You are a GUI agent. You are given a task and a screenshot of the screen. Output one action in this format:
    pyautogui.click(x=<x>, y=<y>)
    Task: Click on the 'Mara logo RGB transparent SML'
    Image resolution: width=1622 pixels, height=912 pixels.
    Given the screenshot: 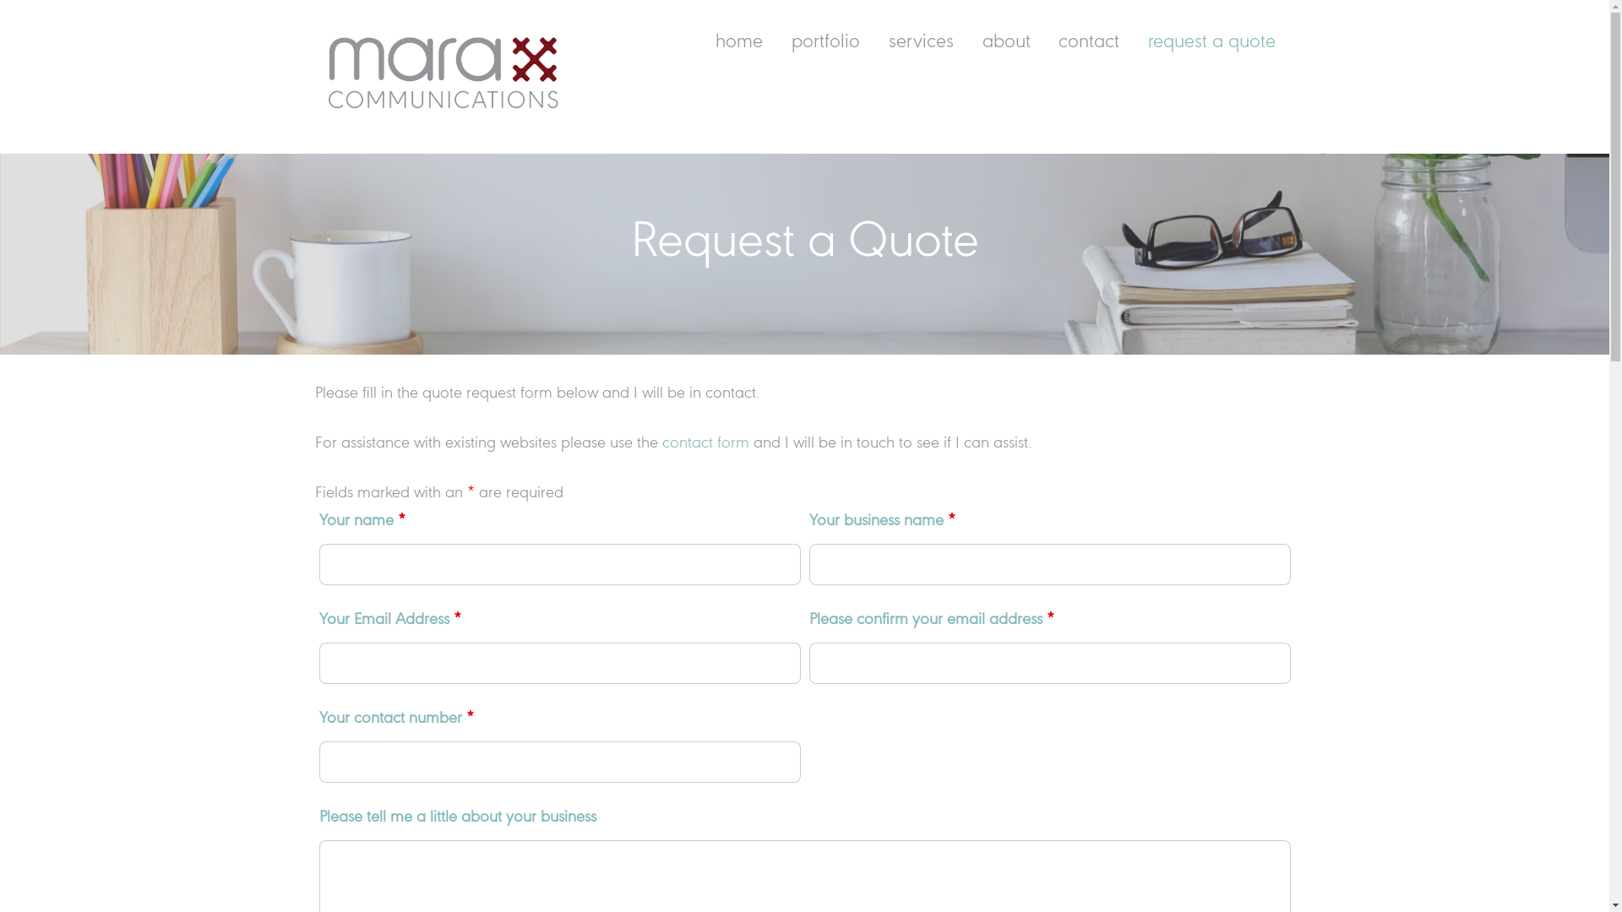 What is the action you would take?
    pyautogui.click(x=441, y=70)
    